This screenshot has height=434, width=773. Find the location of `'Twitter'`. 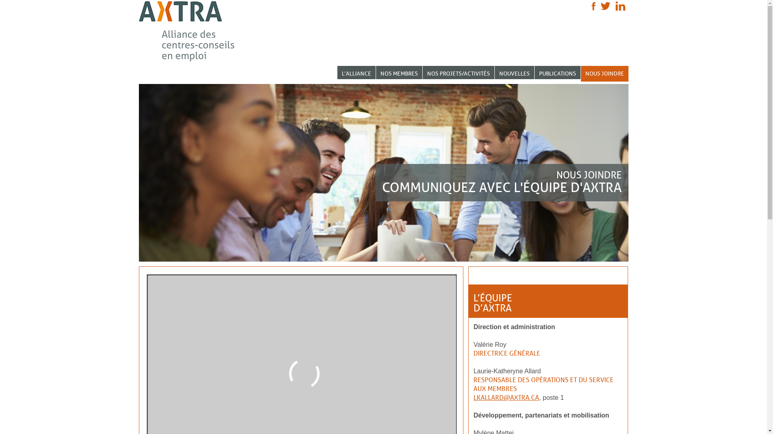

'Twitter' is located at coordinates (601, 6).